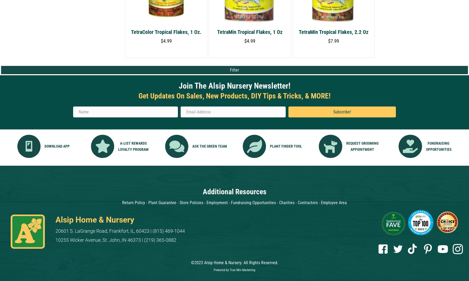 This screenshot has height=281, width=469. Describe the element at coordinates (362, 143) in the screenshot. I see `'REQUEST GROOMING'` at that location.